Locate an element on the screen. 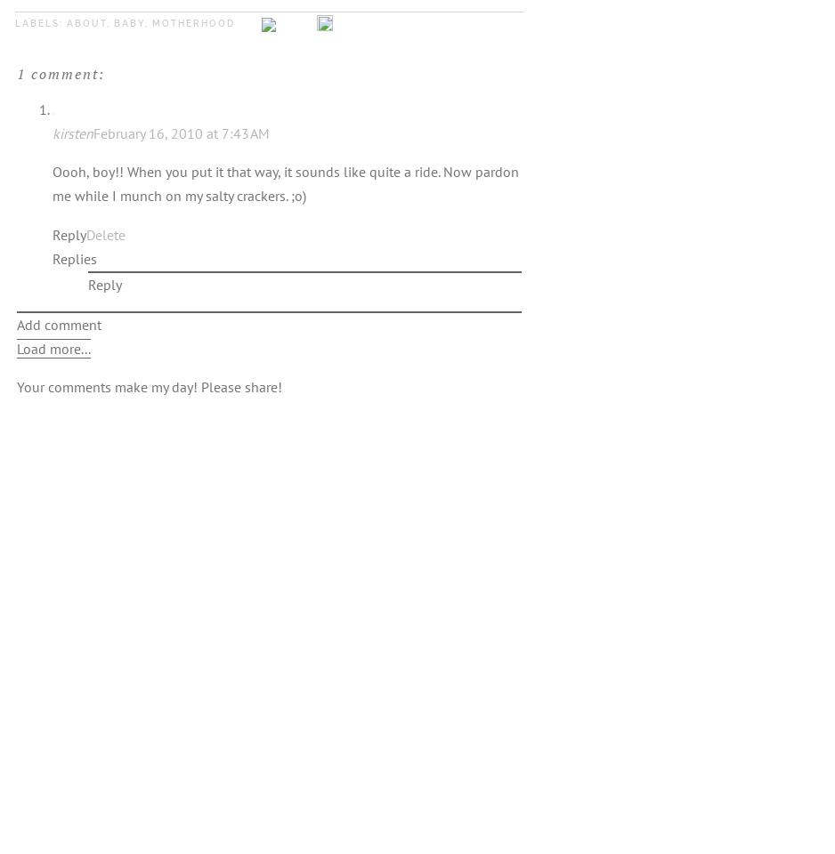 The image size is (835, 854). '1 comment:' is located at coordinates (61, 72).